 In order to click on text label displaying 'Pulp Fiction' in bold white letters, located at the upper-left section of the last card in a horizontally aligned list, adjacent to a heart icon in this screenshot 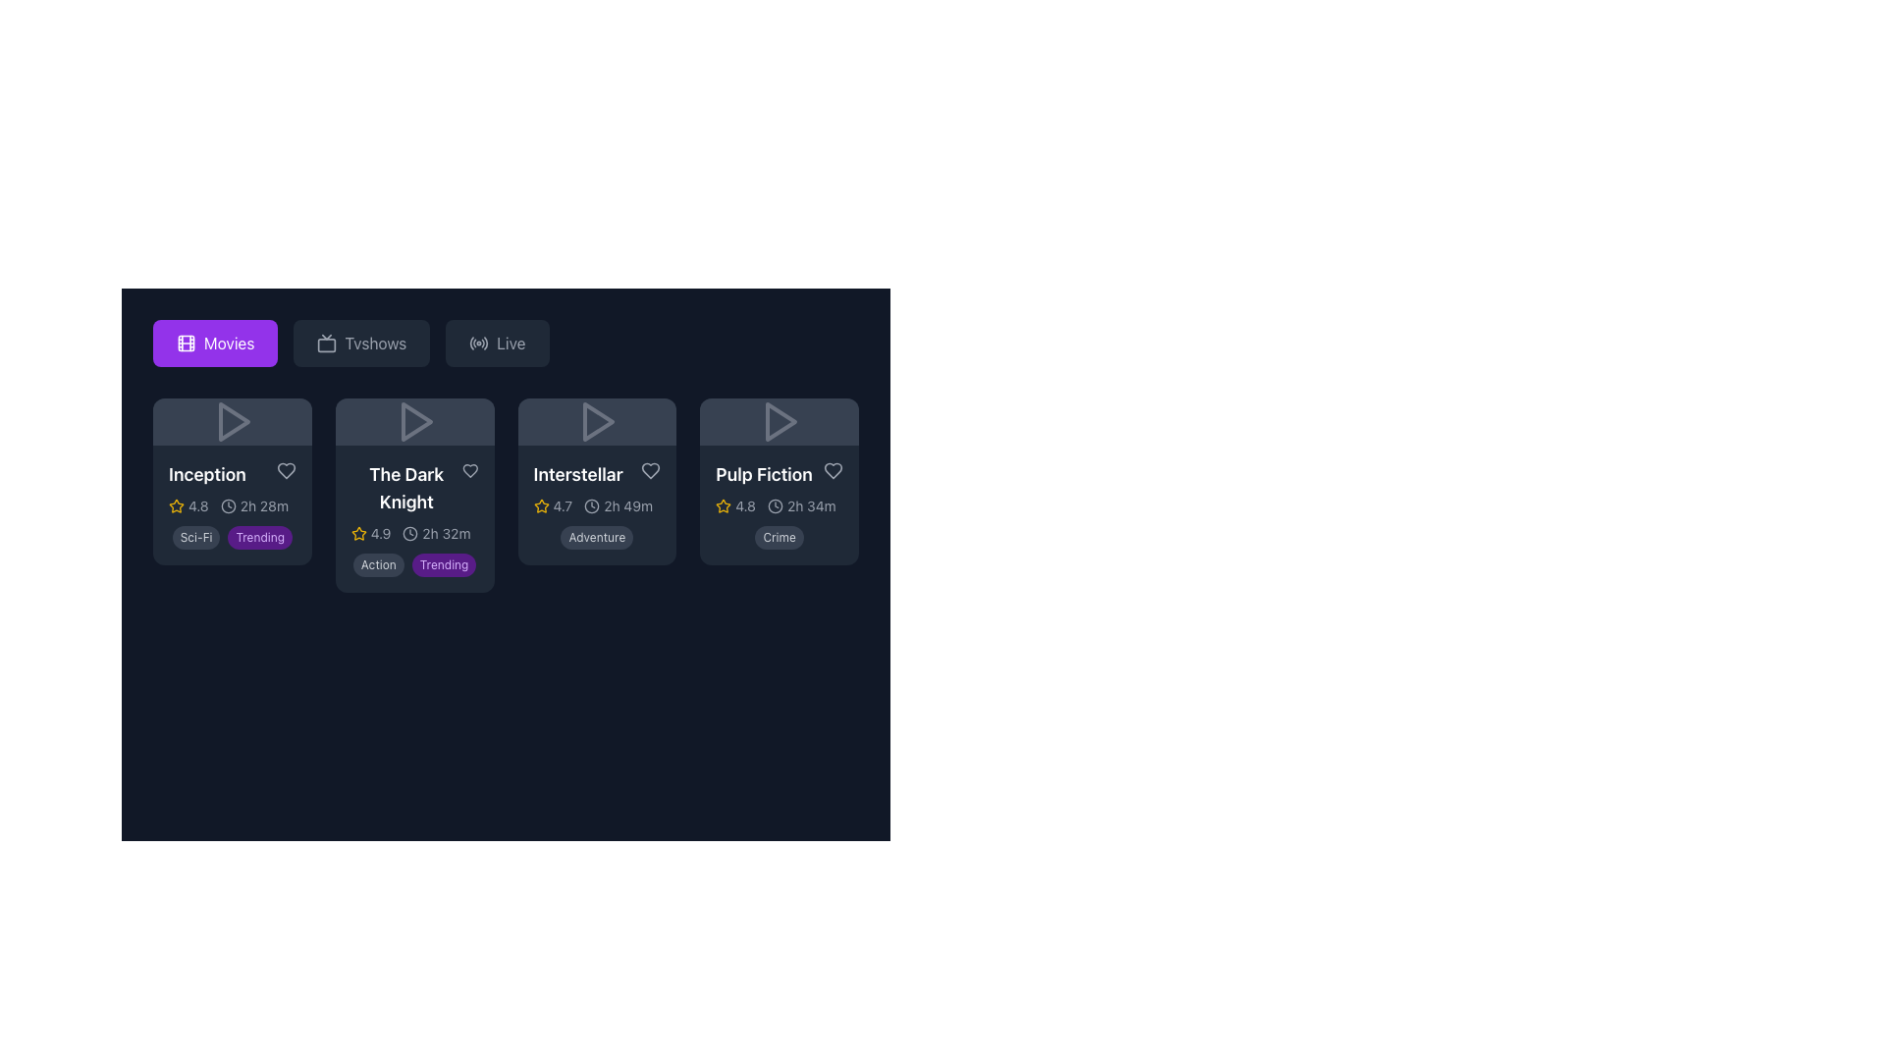, I will do `click(779, 474)`.